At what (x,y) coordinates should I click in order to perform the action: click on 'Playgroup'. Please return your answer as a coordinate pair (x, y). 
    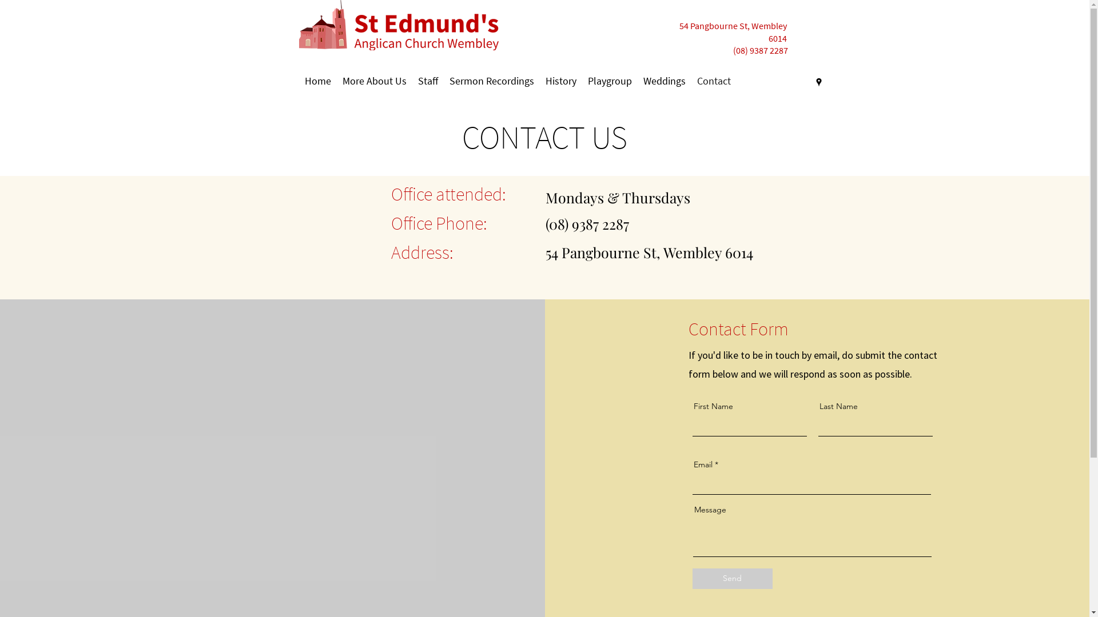
    Looking at the image, I should click on (609, 81).